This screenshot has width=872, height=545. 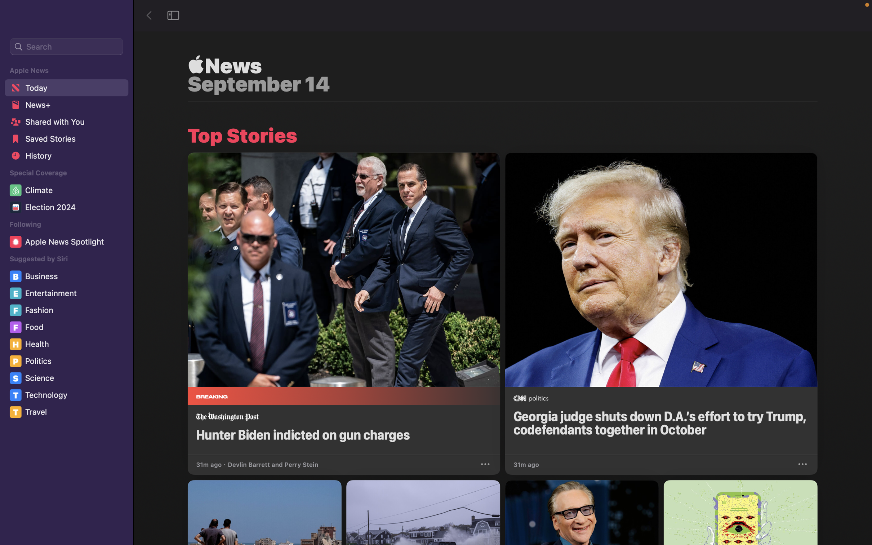 What do you see at coordinates (66, 87) in the screenshot?
I see `the "Today" category` at bounding box center [66, 87].